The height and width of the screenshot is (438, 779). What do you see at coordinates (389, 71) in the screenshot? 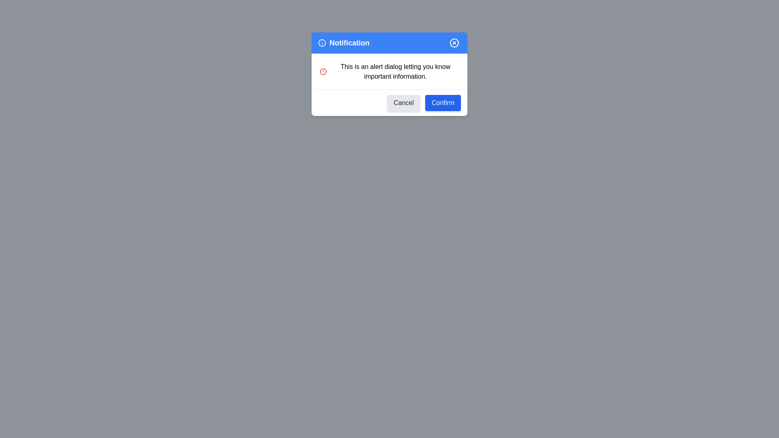
I see `the non-interactive text area that displays an important alert message, which is located centrally below the 'Notification' header and above the 'Cancel' and 'Confirm' buttons` at bounding box center [389, 71].